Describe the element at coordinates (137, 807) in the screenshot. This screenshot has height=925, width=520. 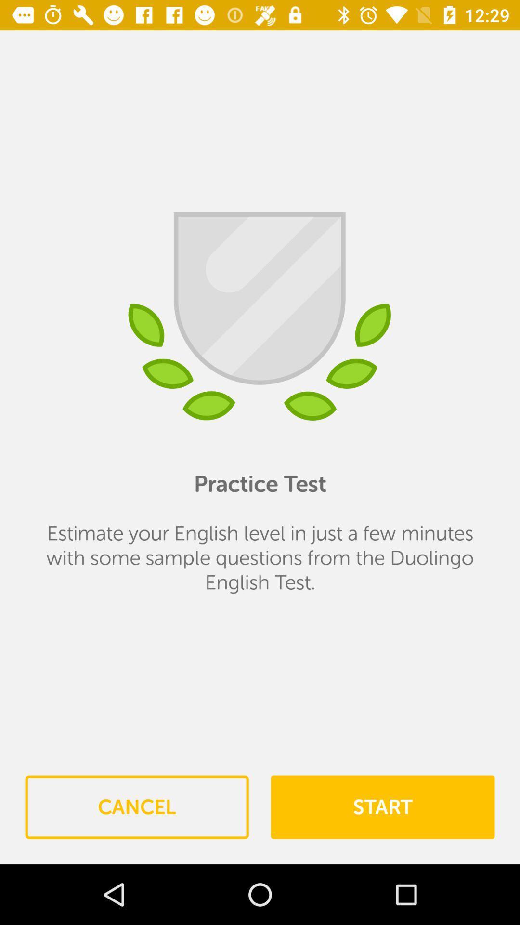
I see `the icon below the estimate your english` at that location.